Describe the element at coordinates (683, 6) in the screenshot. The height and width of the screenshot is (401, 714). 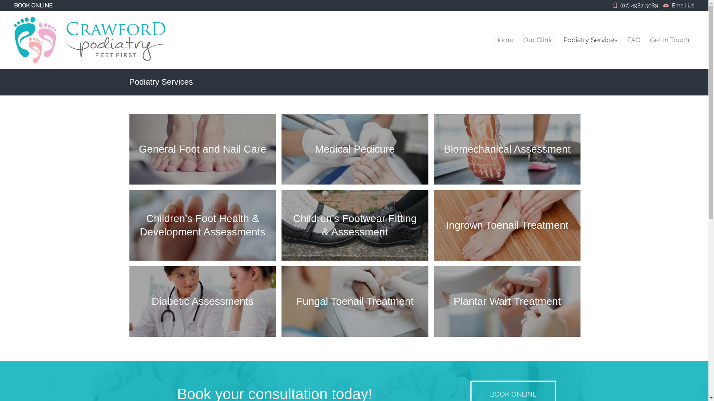
I see `'Email Us'` at that location.